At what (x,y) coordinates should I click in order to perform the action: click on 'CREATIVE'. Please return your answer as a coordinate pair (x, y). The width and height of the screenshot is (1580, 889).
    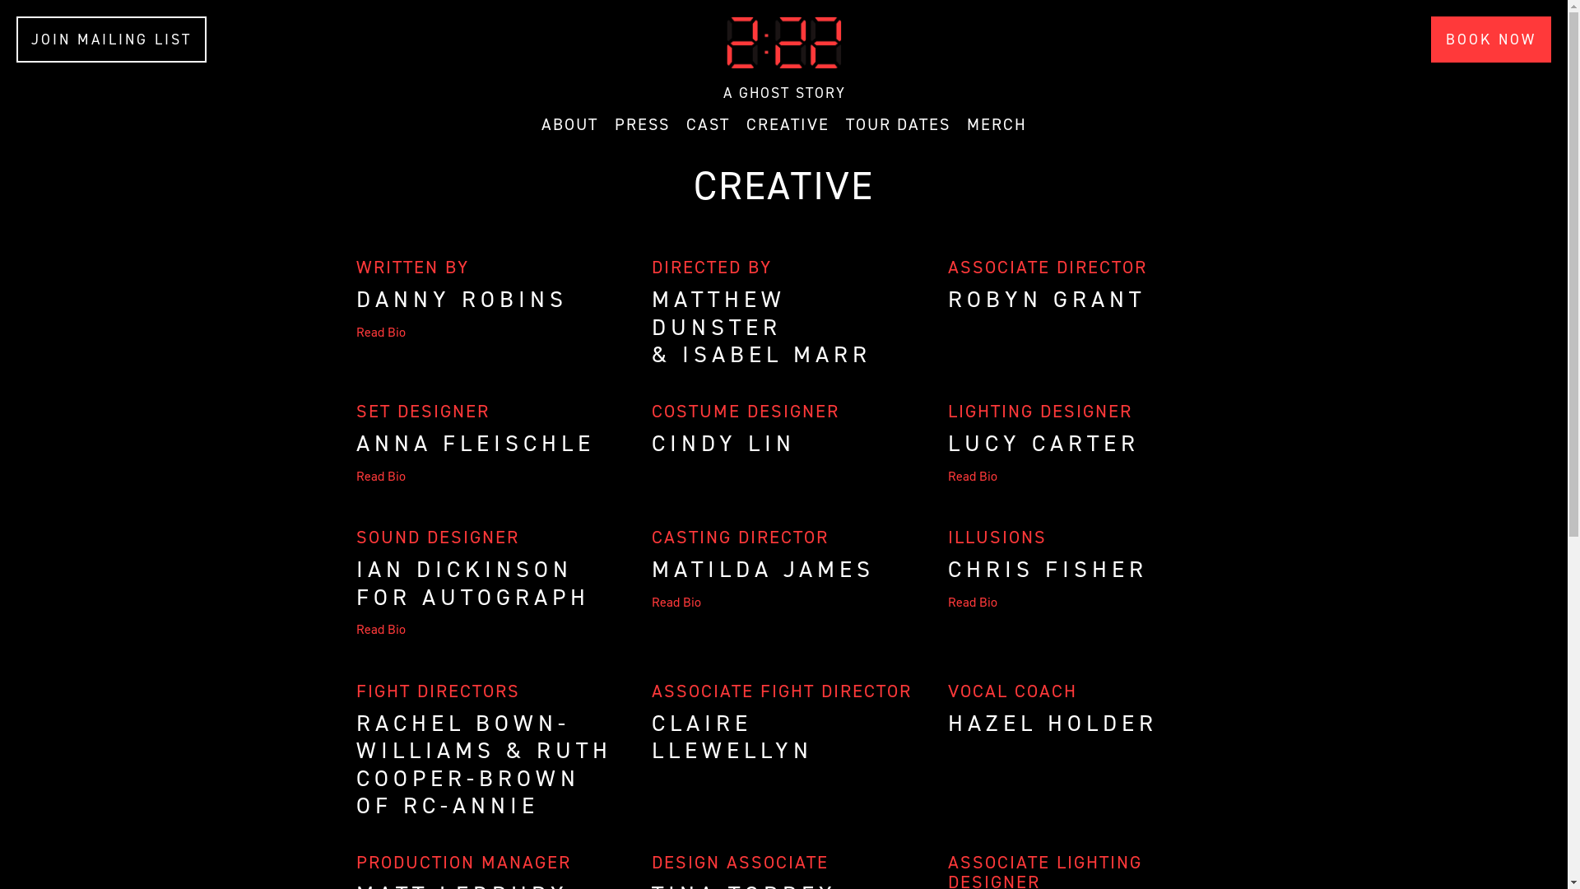
    Looking at the image, I should click on (786, 123).